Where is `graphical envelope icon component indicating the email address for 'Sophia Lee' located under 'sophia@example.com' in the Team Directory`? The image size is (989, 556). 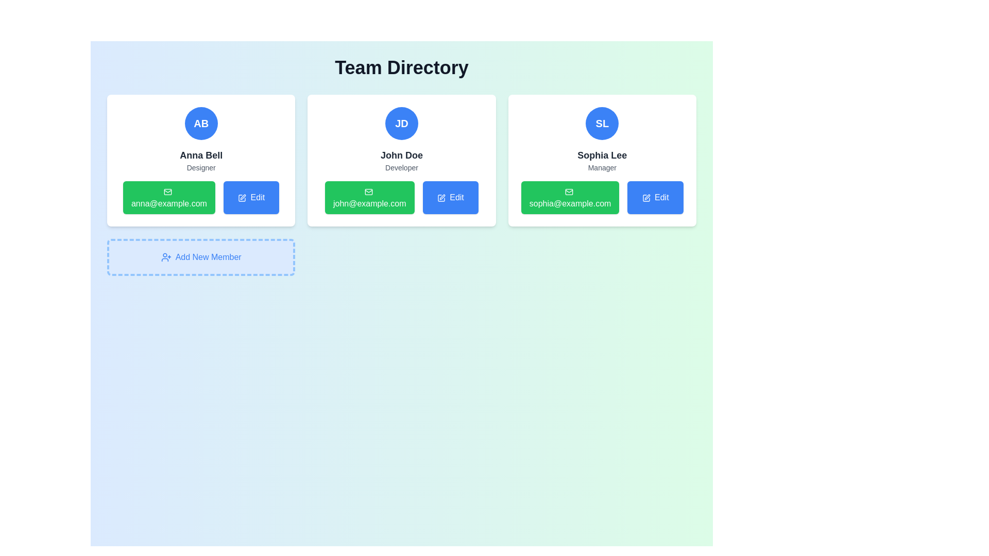
graphical envelope icon component indicating the email address for 'Sophia Lee' located under 'sophia@example.com' in the Team Directory is located at coordinates (569, 192).